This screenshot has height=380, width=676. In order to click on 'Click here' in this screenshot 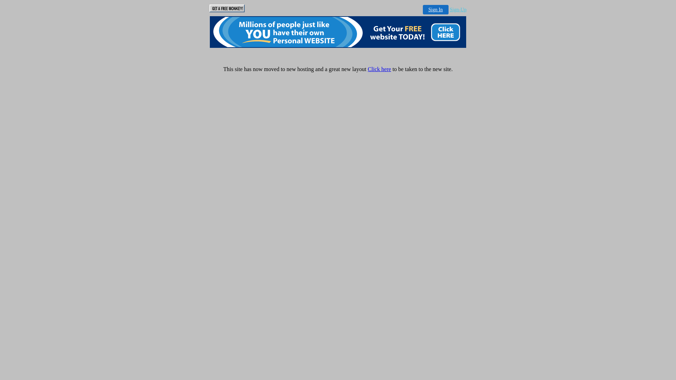, I will do `click(378, 69)`.